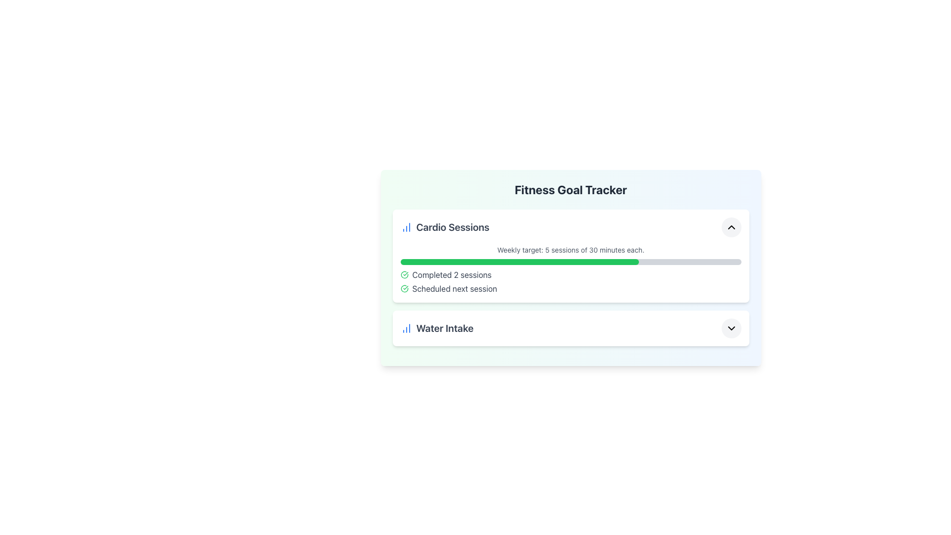  What do you see at coordinates (571, 282) in the screenshot?
I see `status summary of cardio sessions located in the 'Cardio Sessions' section, below the progress bar and above the 'Water Intake' section` at bounding box center [571, 282].